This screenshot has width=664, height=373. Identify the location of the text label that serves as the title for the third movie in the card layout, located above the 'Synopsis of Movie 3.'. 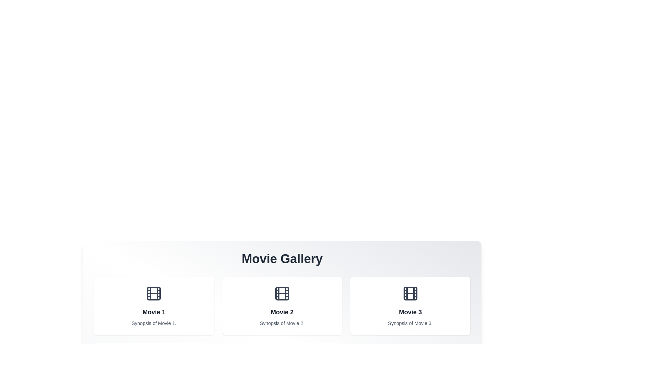
(410, 312).